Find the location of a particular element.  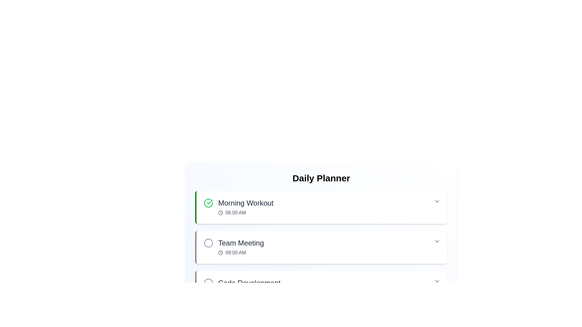

the circular clock icon located to the left of the time text '09:00 AM' in the 'Team Meeting' schedule row is located at coordinates (220, 253).